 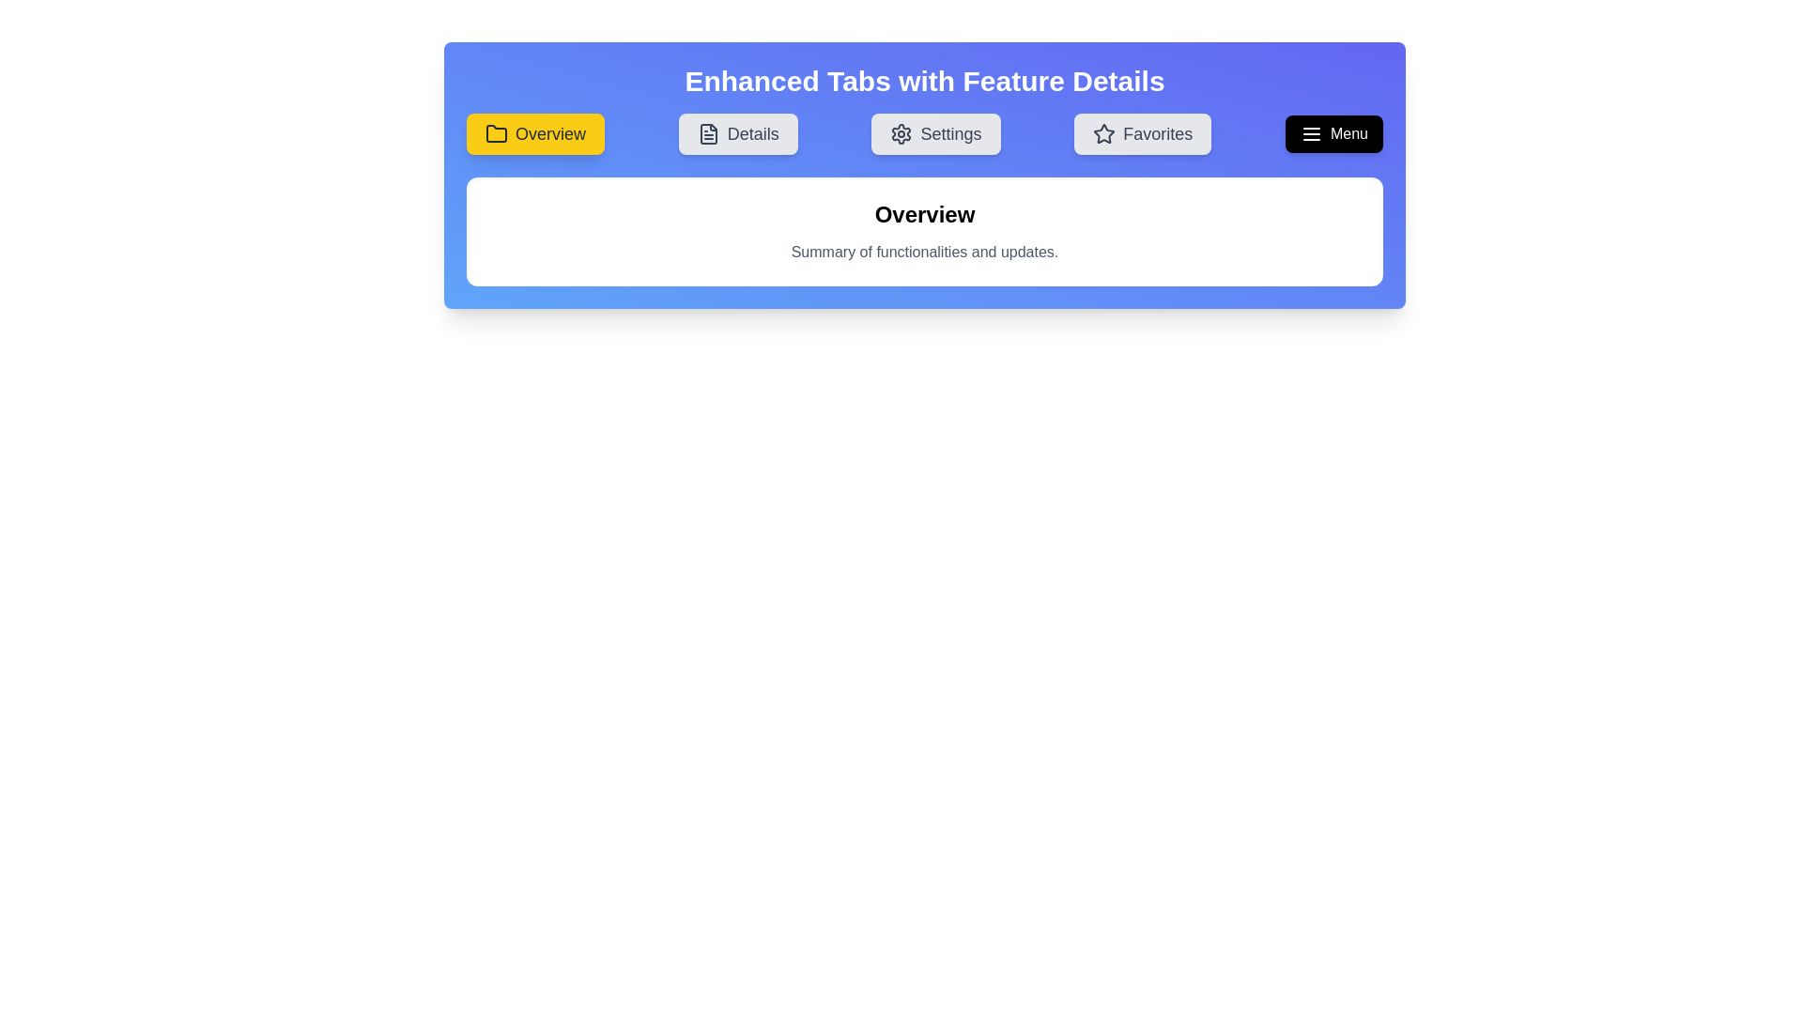 I want to click on the 'Menu' button, which is a rectangular button with rounded corners, black background, and white text, located at the top-right of the navigation bar, so click(x=1333, y=132).